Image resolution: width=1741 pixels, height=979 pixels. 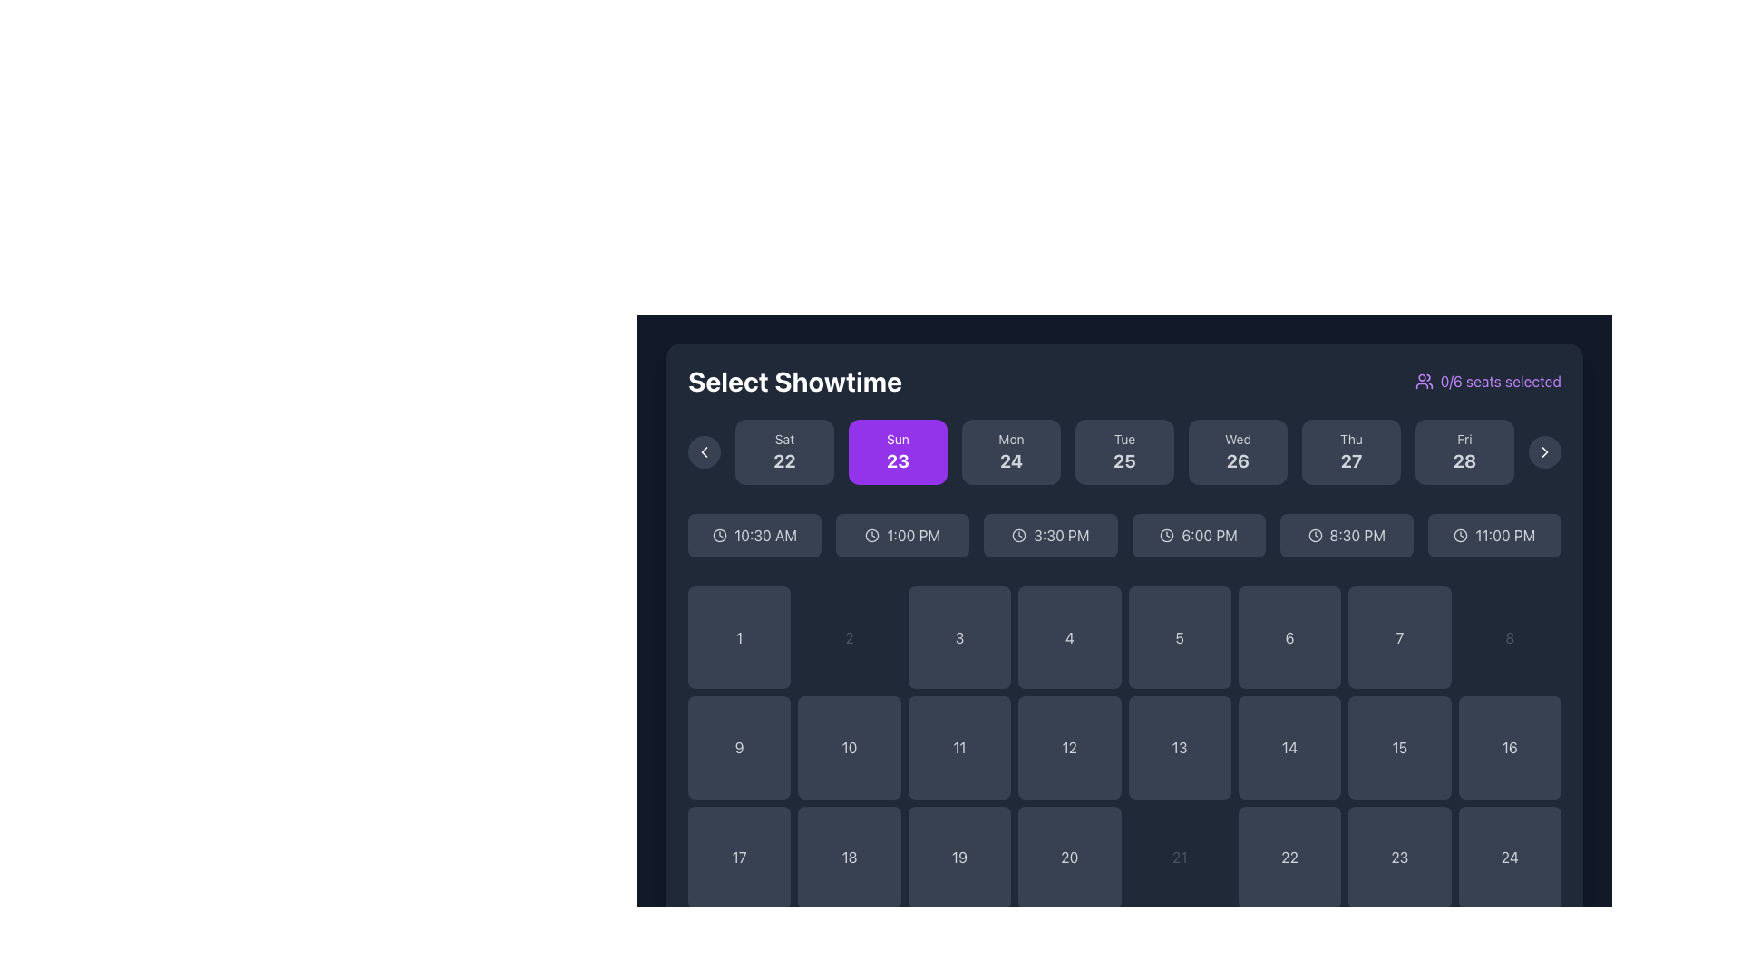 What do you see at coordinates (849, 748) in the screenshot?
I see `the square-shaped button with rounded corners and the number '10' in light gray` at bounding box center [849, 748].